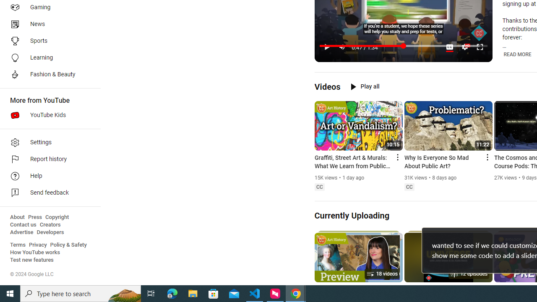 This screenshot has height=302, width=537. I want to click on 'READ MORE', so click(517, 54).